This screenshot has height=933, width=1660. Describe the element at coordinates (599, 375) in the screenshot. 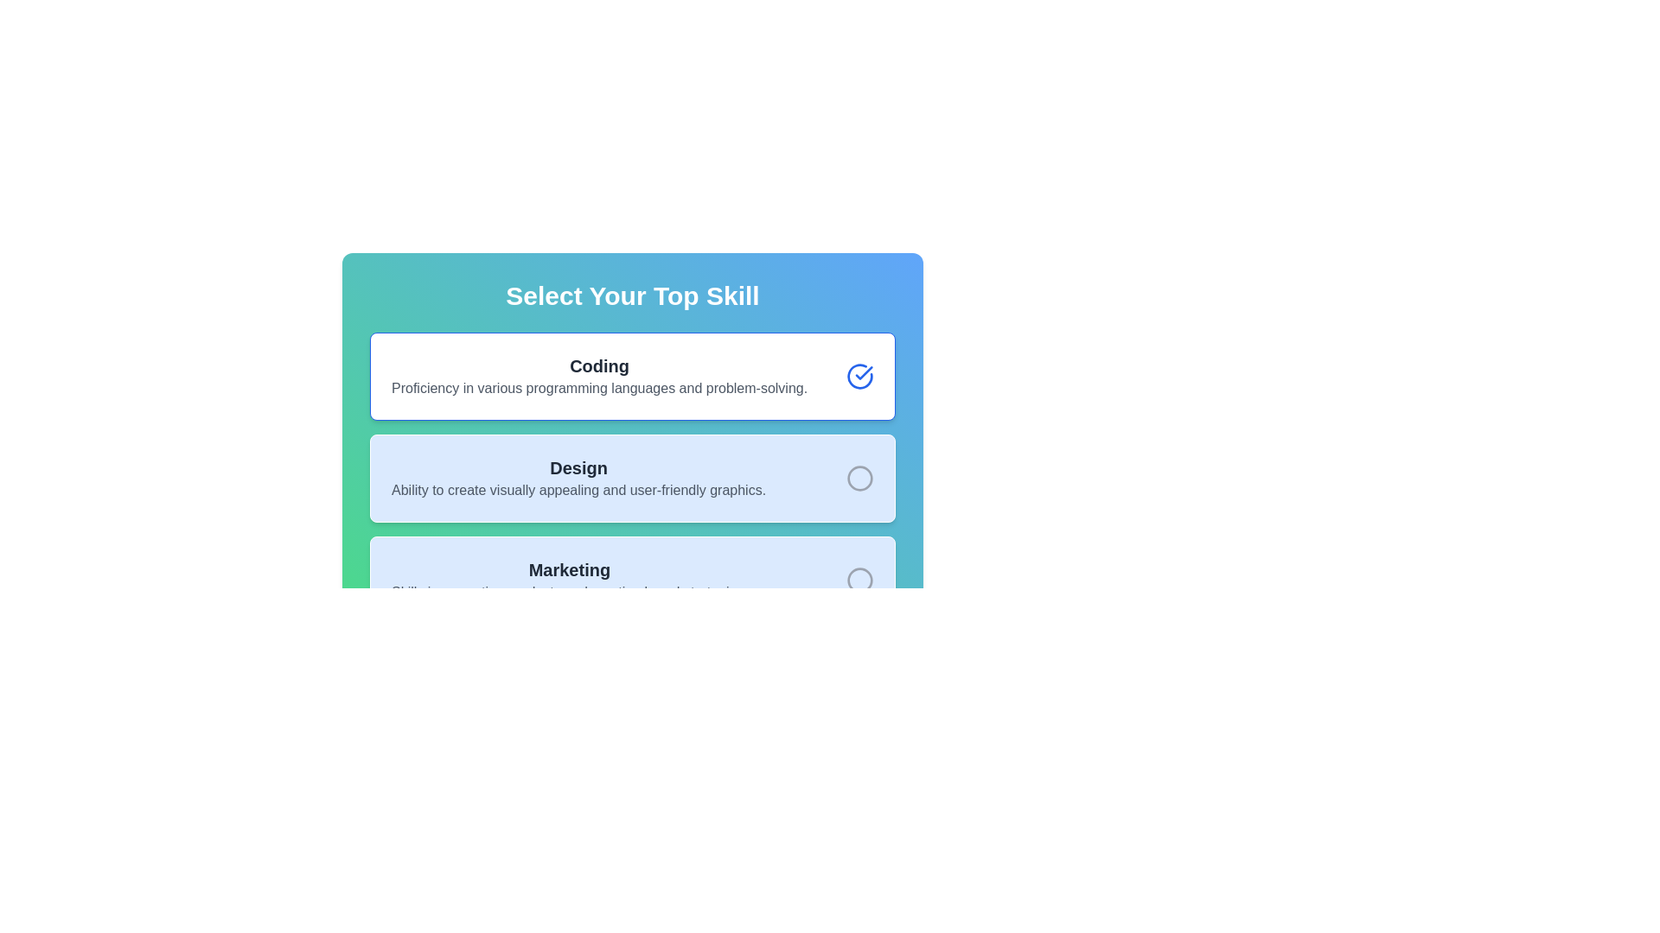

I see `the first selectable skill item in the list of top skills, which is located above the 'Design' and 'Marketing' elements` at that location.